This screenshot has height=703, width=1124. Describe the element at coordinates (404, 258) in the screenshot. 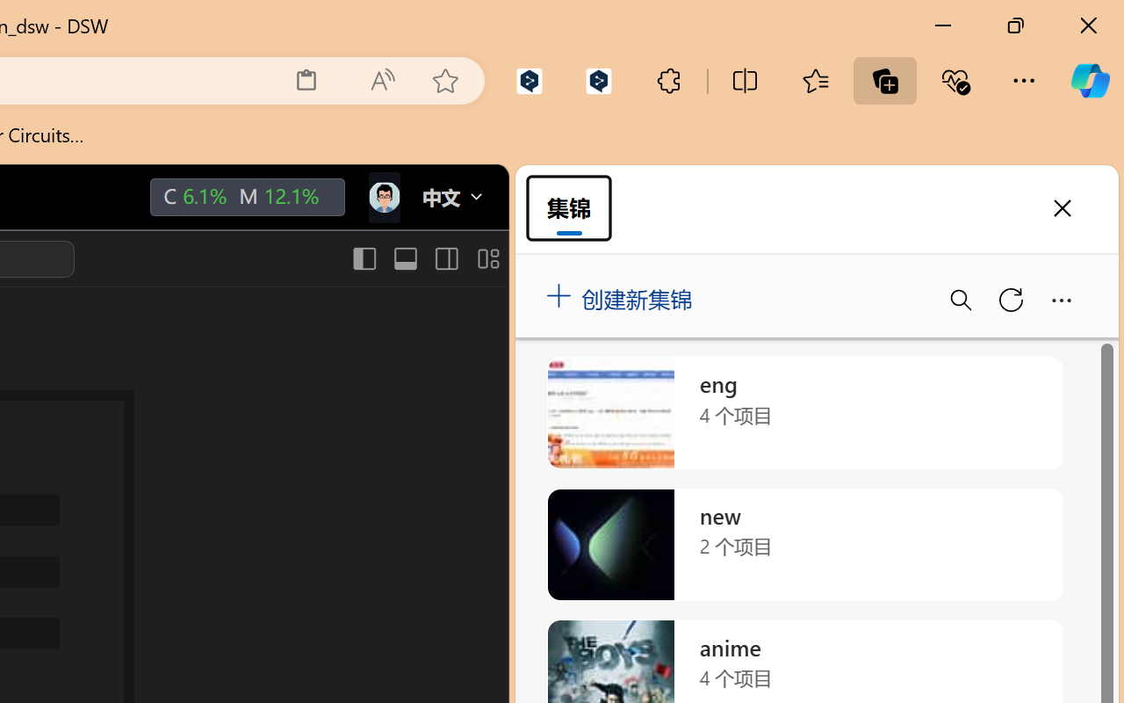

I see `'Toggle Panel (Ctrl+J)'` at that location.